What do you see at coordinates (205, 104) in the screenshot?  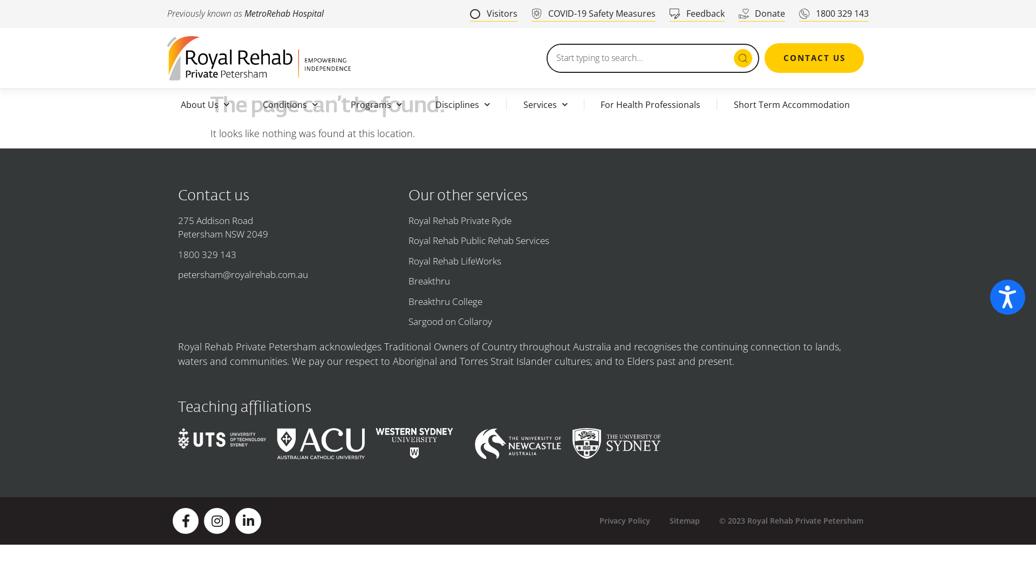 I see `'About Us'` at bounding box center [205, 104].